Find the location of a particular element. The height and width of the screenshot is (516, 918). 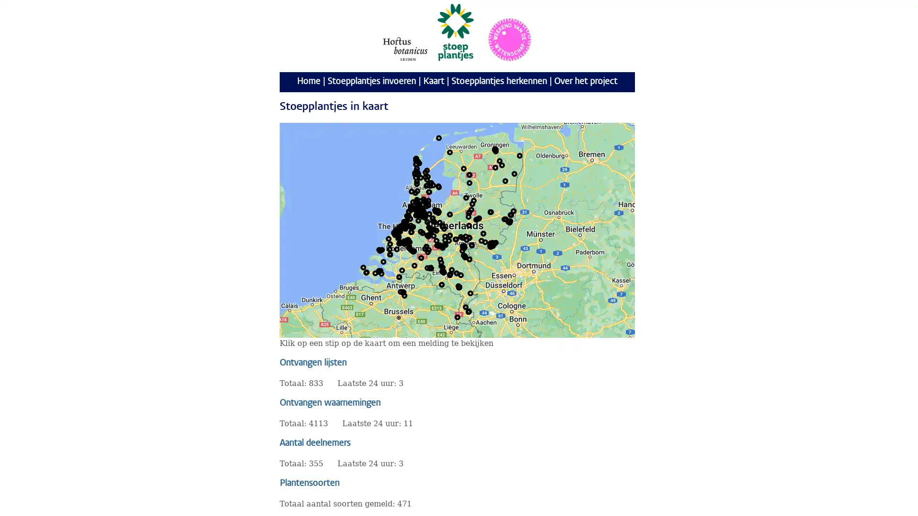

Telling van op 18 januari 2022 is located at coordinates (417, 206).